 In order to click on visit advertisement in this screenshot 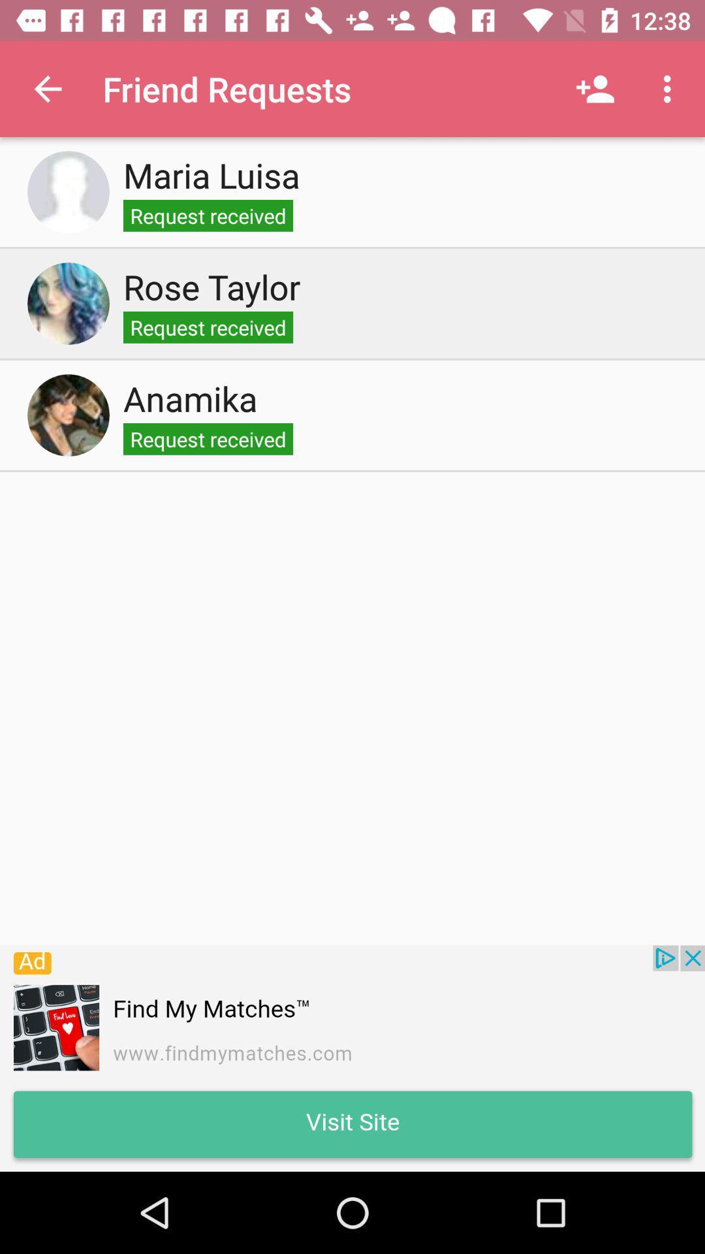, I will do `click(352, 1058)`.